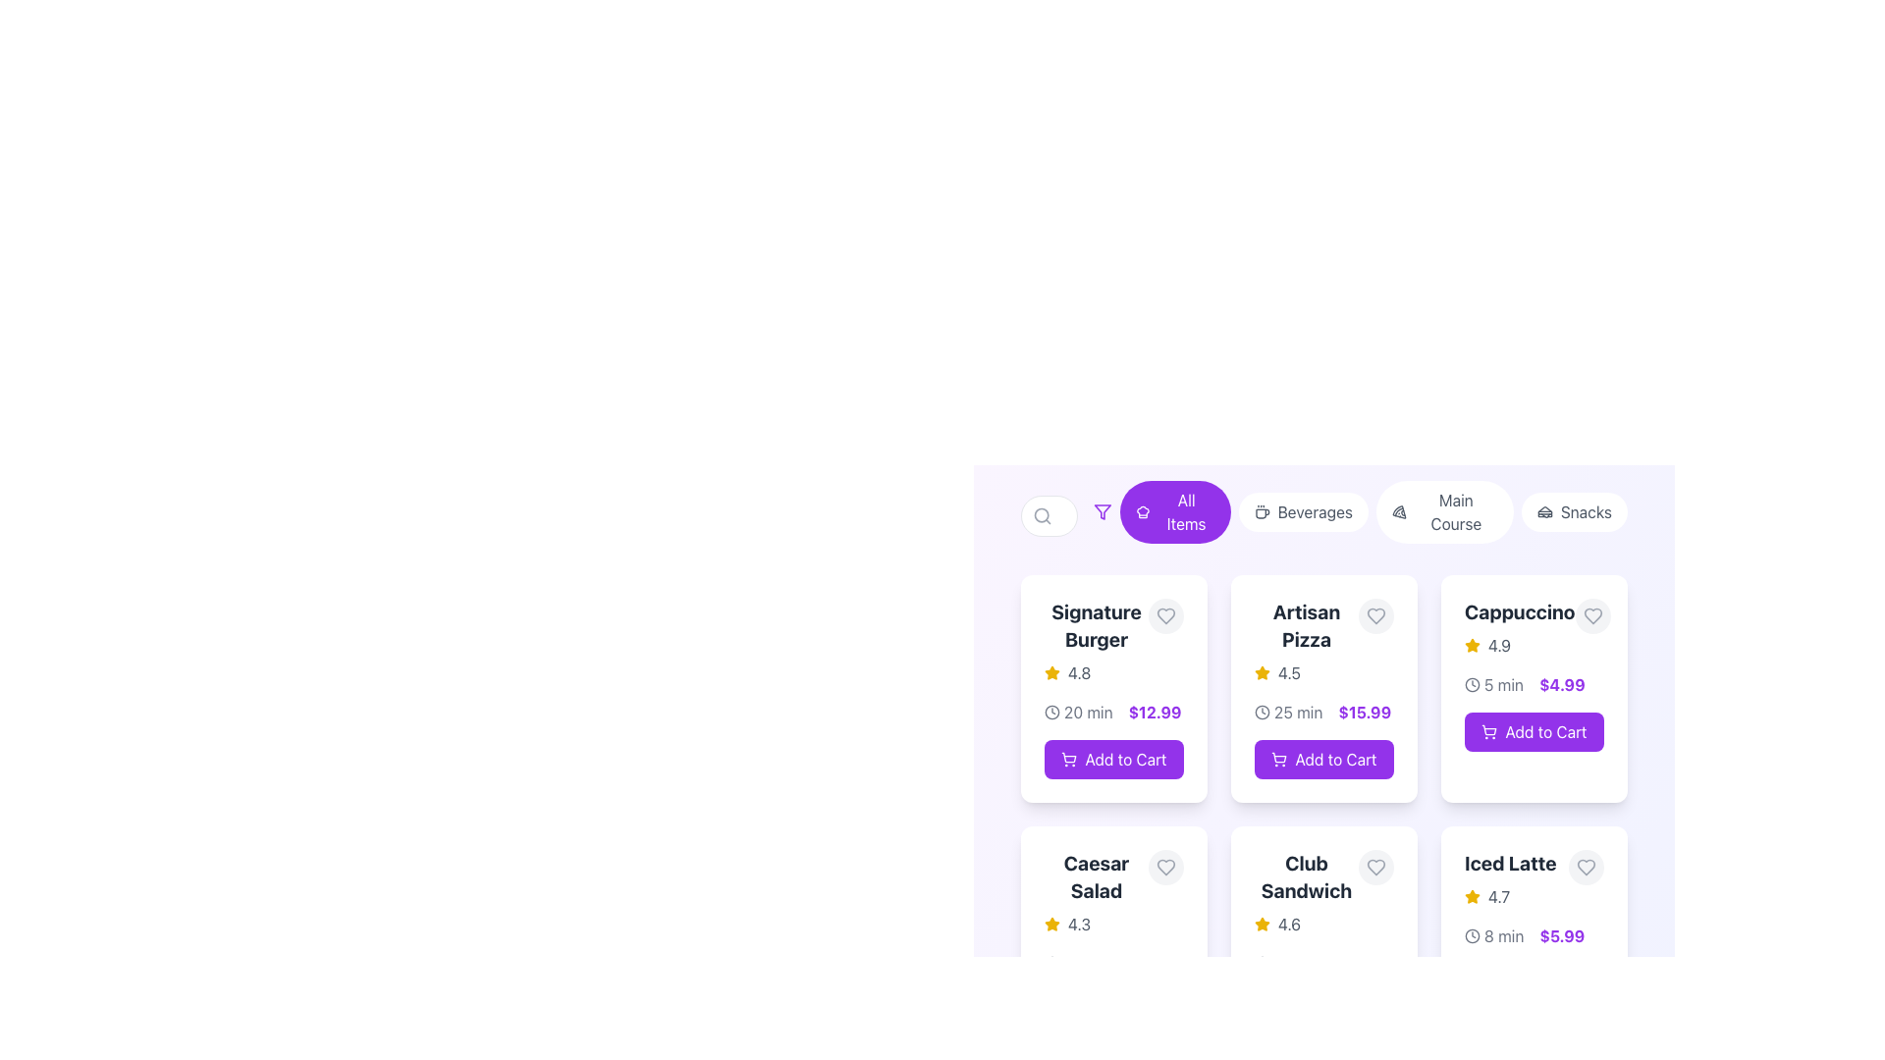 The width and height of the screenshot is (1885, 1060). I want to click on the circular outline of the clock within the SVG component, which is a decorative element representing time-related functionality, so click(1263, 712).